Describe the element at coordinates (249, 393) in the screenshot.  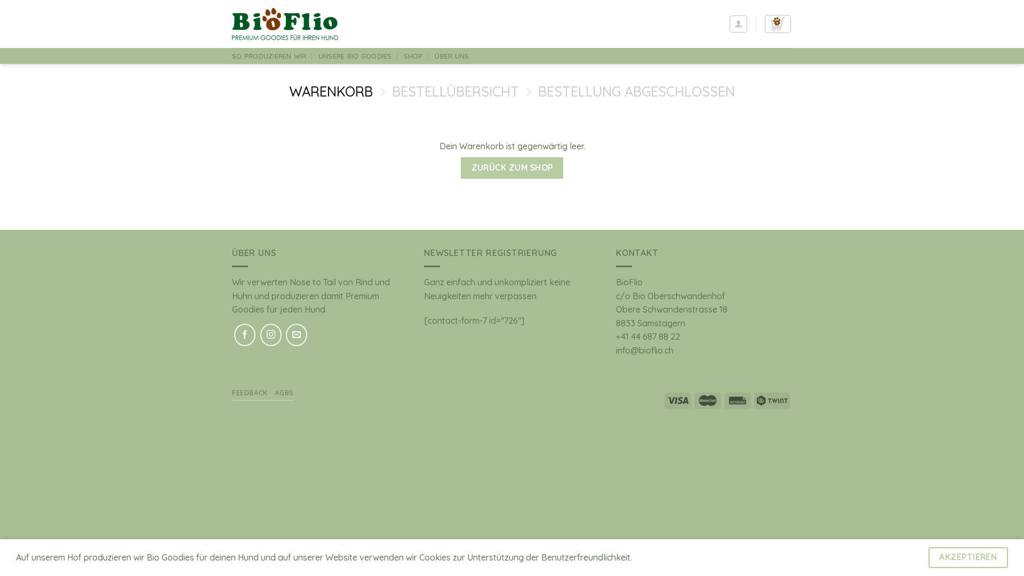
I see `'FEEDBACK'` at that location.